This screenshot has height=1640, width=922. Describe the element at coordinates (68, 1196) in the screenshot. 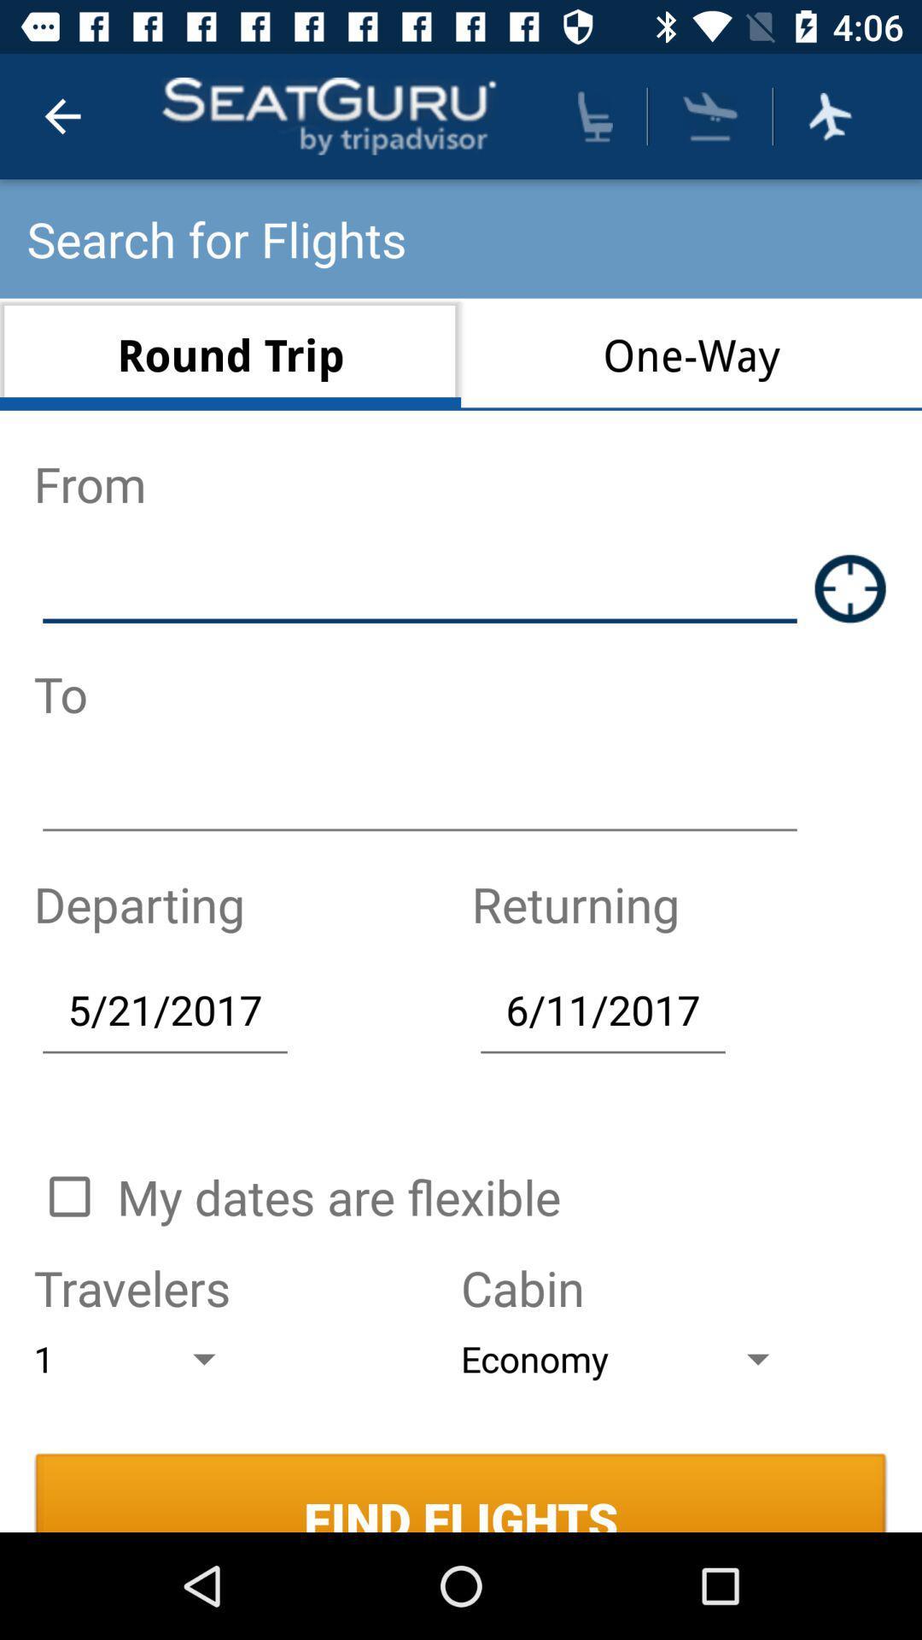

I see `flexible dates` at that location.